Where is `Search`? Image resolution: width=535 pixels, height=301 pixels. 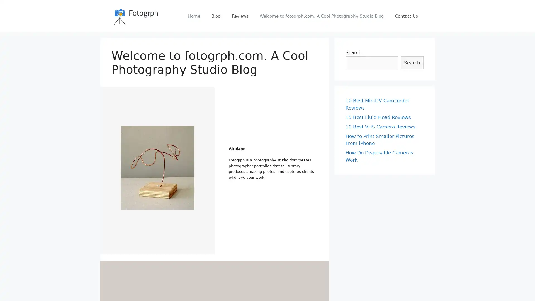
Search is located at coordinates (412, 62).